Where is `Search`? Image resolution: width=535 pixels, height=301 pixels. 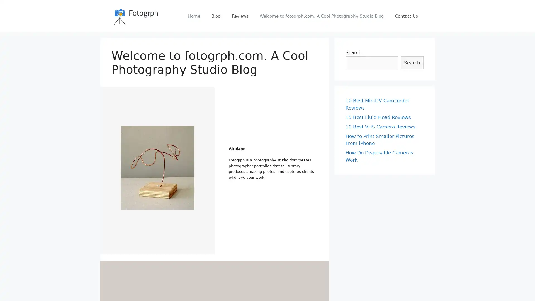
Search is located at coordinates (412, 62).